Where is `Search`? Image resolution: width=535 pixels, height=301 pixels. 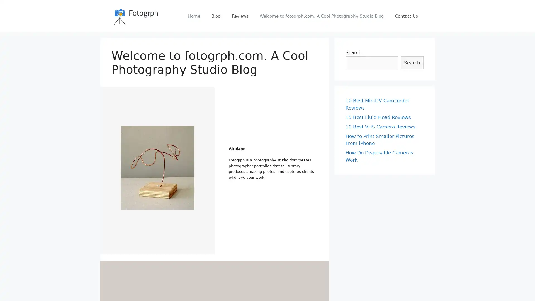
Search is located at coordinates (412, 62).